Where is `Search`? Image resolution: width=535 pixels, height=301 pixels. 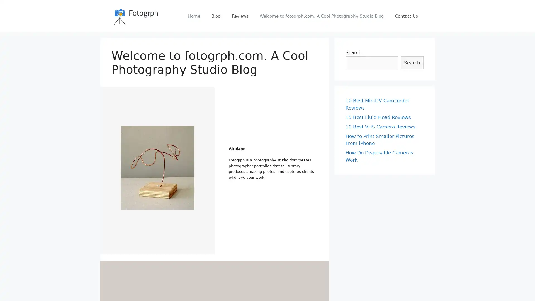
Search is located at coordinates (412, 62).